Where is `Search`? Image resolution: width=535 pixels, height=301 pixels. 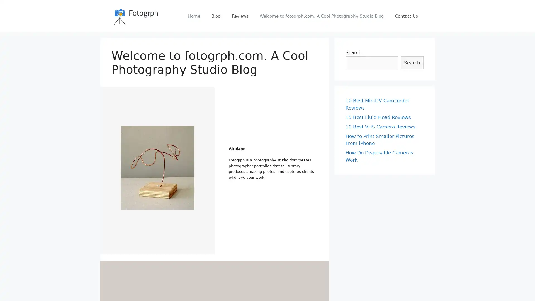
Search is located at coordinates (412, 62).